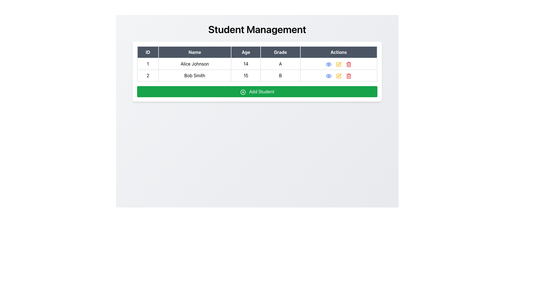  I want to click on the table cell containing the grade 'A' for the student 'Alice Johnson', which is the fourth cell in the first row under the 'Grade' column, so click(280, 64).